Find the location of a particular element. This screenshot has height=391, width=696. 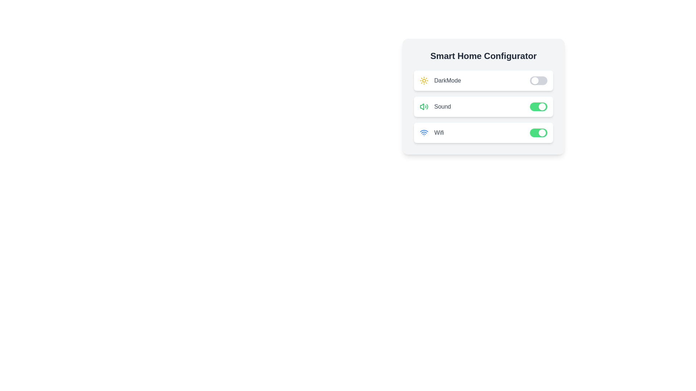

the text label reading 'Wifi' styled with a gray color and medium font weight, located to the right of the WiFi icon is located at coordinates (439, 133).